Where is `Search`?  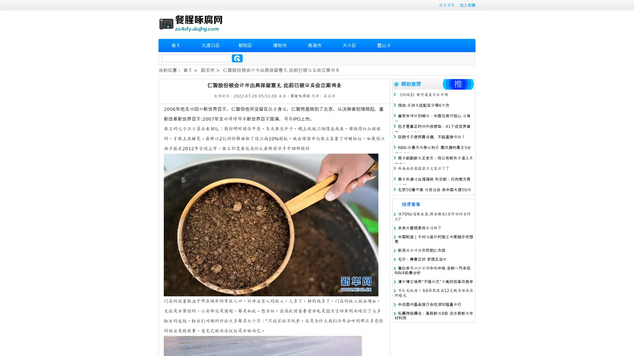
Search is located at coordinates (237, 58).